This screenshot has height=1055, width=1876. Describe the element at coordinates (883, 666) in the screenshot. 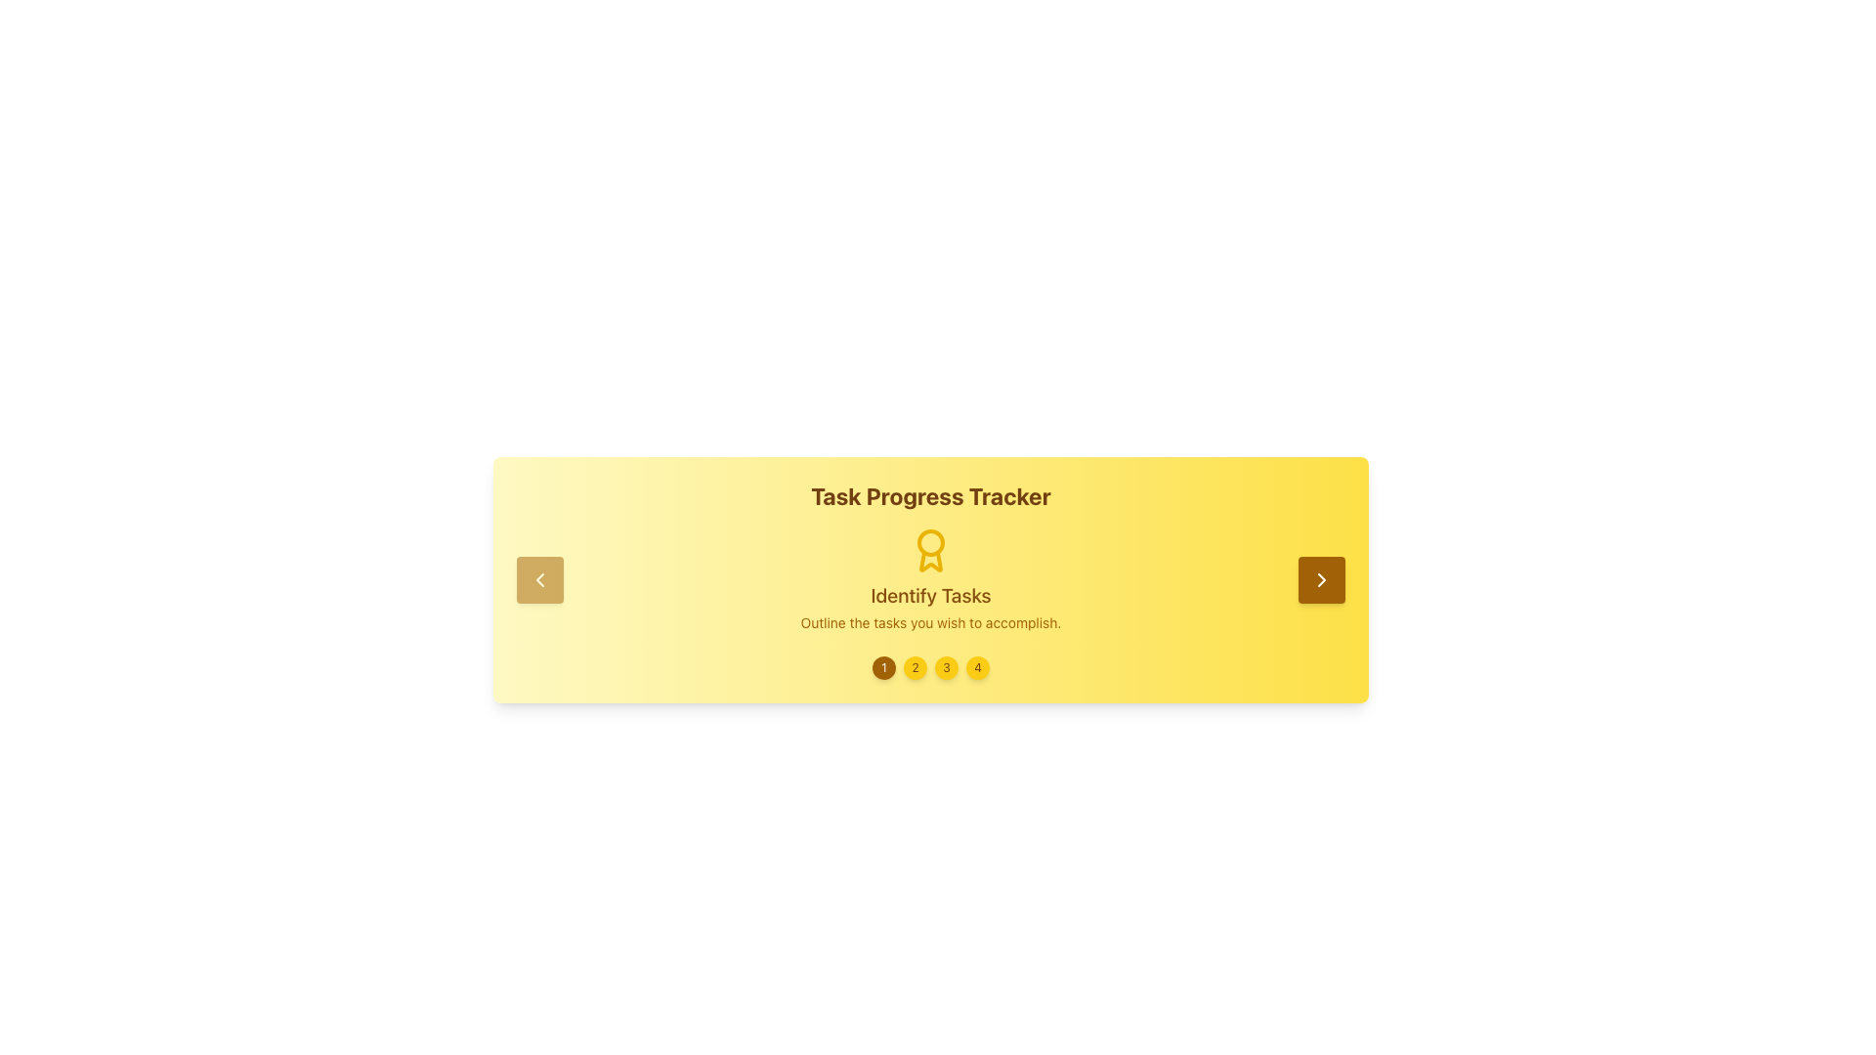

I see `the circular button with a yellow background and white text displaying the number '1' located centrally at the bottom of the content area` at that location.